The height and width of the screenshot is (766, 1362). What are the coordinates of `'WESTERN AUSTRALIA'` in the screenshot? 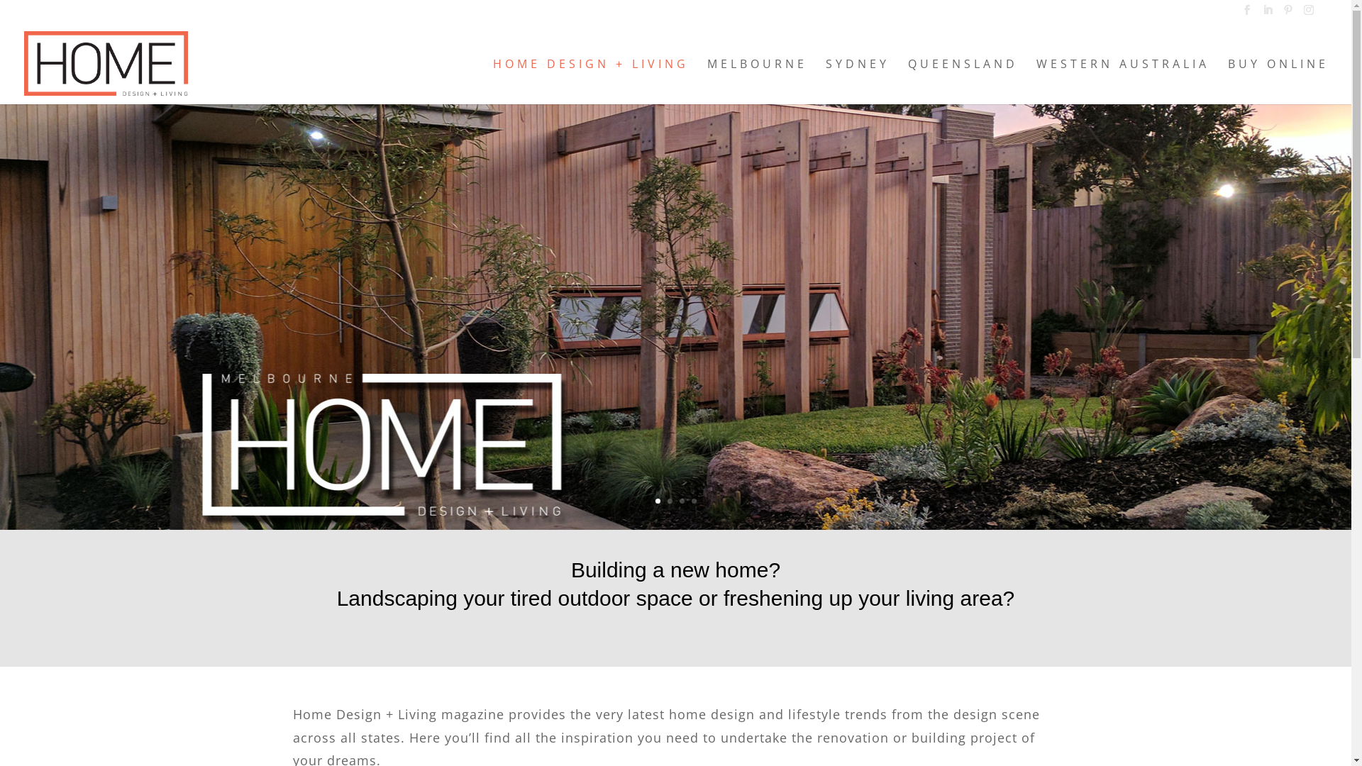 It's located at (1122, 81).